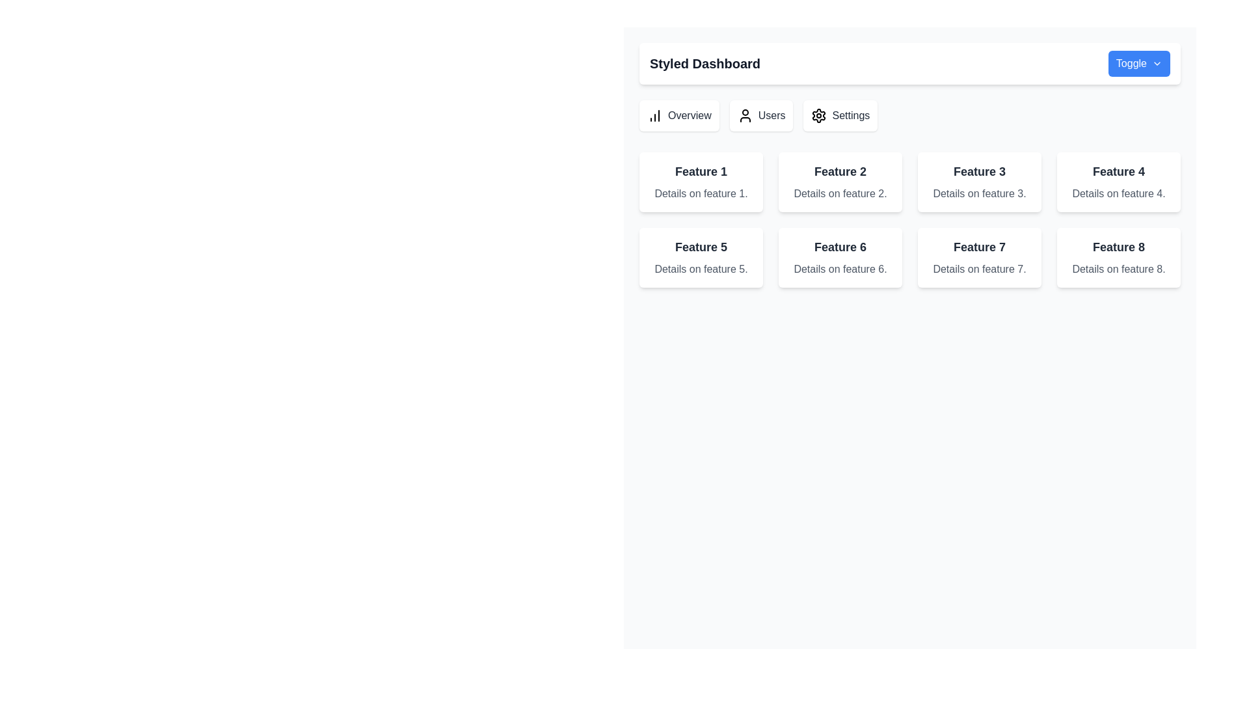 The image size is (1249, 703). What do you see at coordinates (840, 193) in the screenshot?
I see `text label that contains 'Details on feature 2.', which is styled in light gray and located below the title 'Feature 2' in the card of the grid layout` at bounding box center [840, 193].